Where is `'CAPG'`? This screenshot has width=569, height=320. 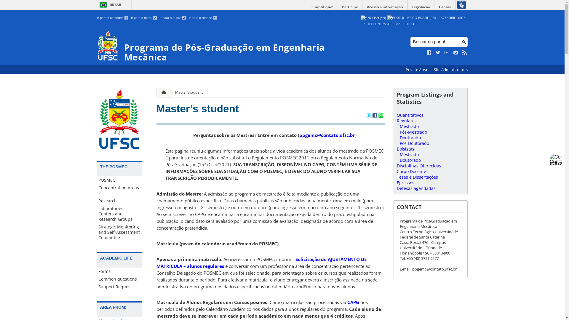
'CAPG' is located at coordinates (353, 302).